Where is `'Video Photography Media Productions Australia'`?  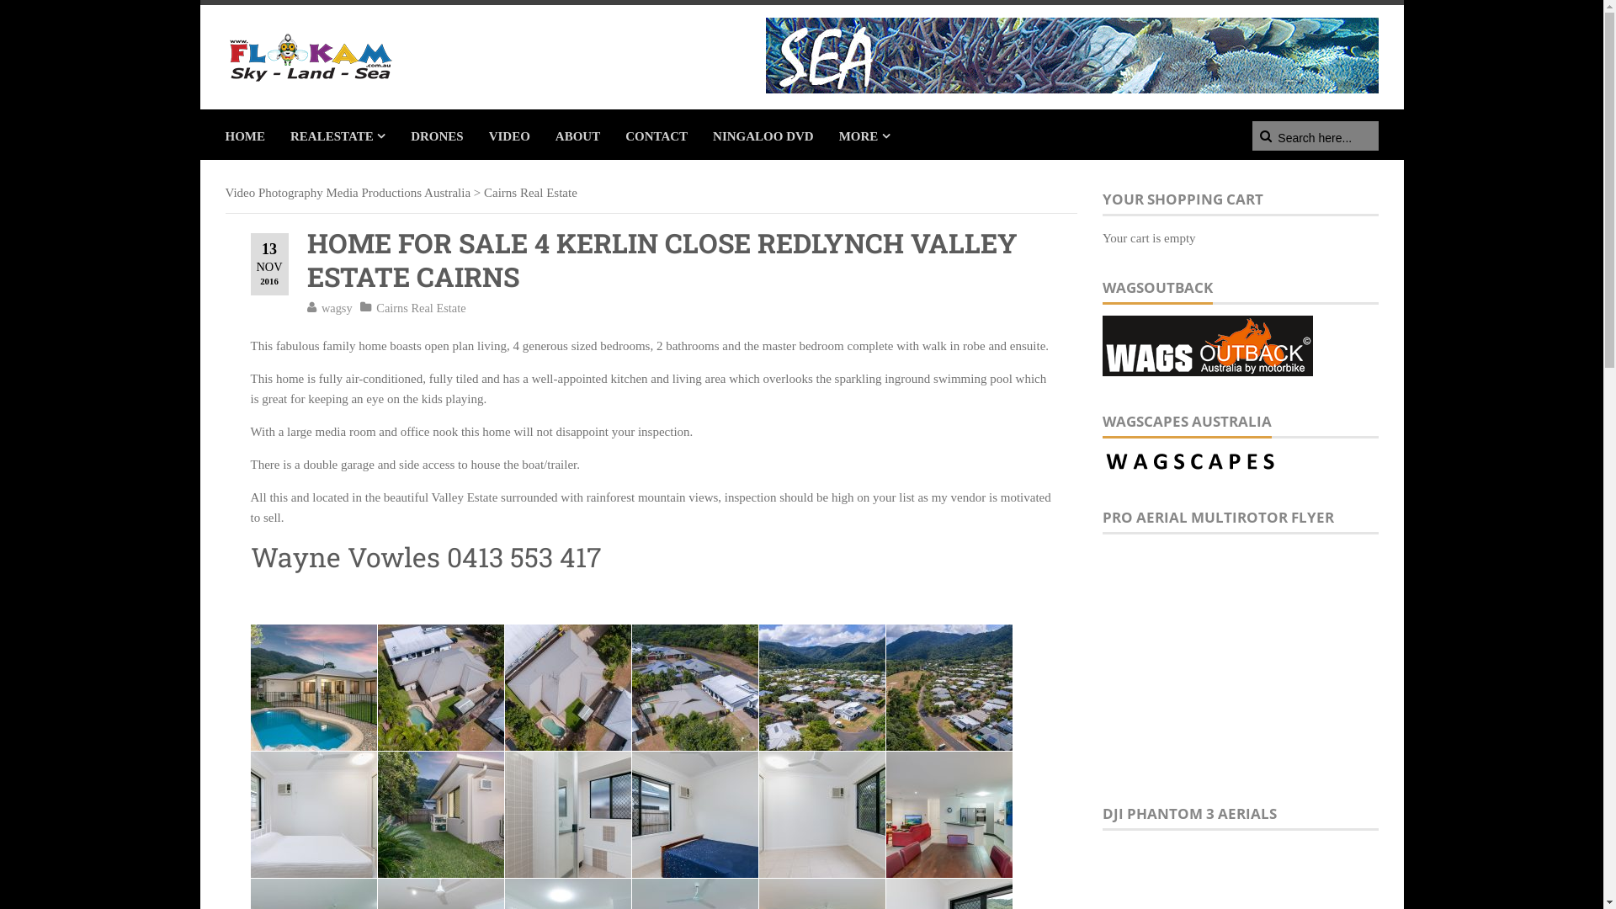 'Video Photography Media Productions Australia' is located at coordinates (347, 191).